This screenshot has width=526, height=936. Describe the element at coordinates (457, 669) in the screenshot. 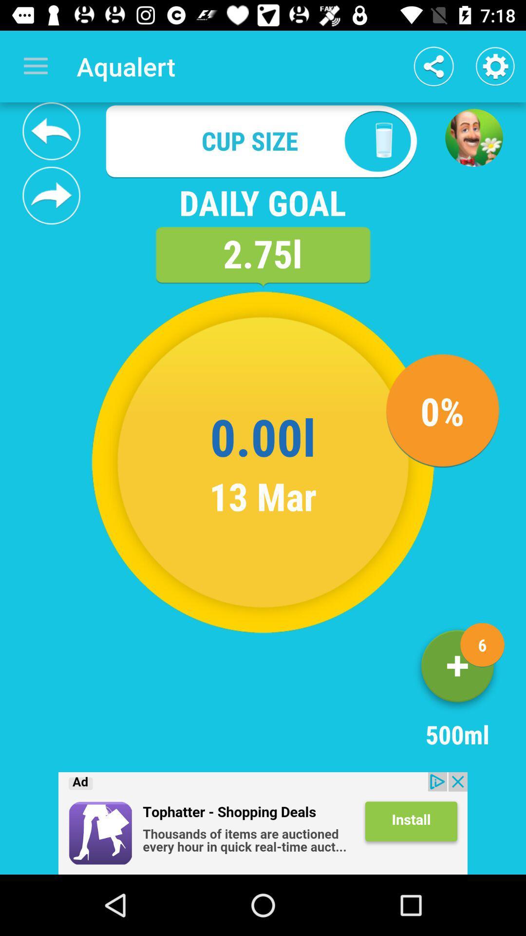

I see `new` at that location.